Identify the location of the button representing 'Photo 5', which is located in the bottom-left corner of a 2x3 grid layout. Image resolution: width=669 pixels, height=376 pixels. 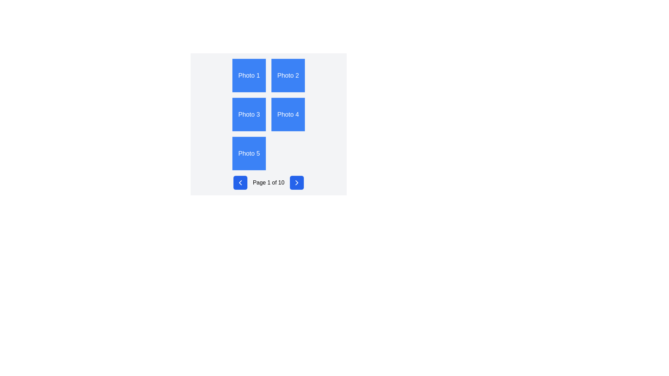
(249, 153).